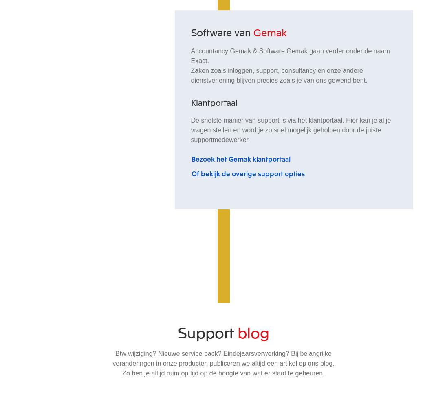  I want to click on 'blog', so click(253, 331).